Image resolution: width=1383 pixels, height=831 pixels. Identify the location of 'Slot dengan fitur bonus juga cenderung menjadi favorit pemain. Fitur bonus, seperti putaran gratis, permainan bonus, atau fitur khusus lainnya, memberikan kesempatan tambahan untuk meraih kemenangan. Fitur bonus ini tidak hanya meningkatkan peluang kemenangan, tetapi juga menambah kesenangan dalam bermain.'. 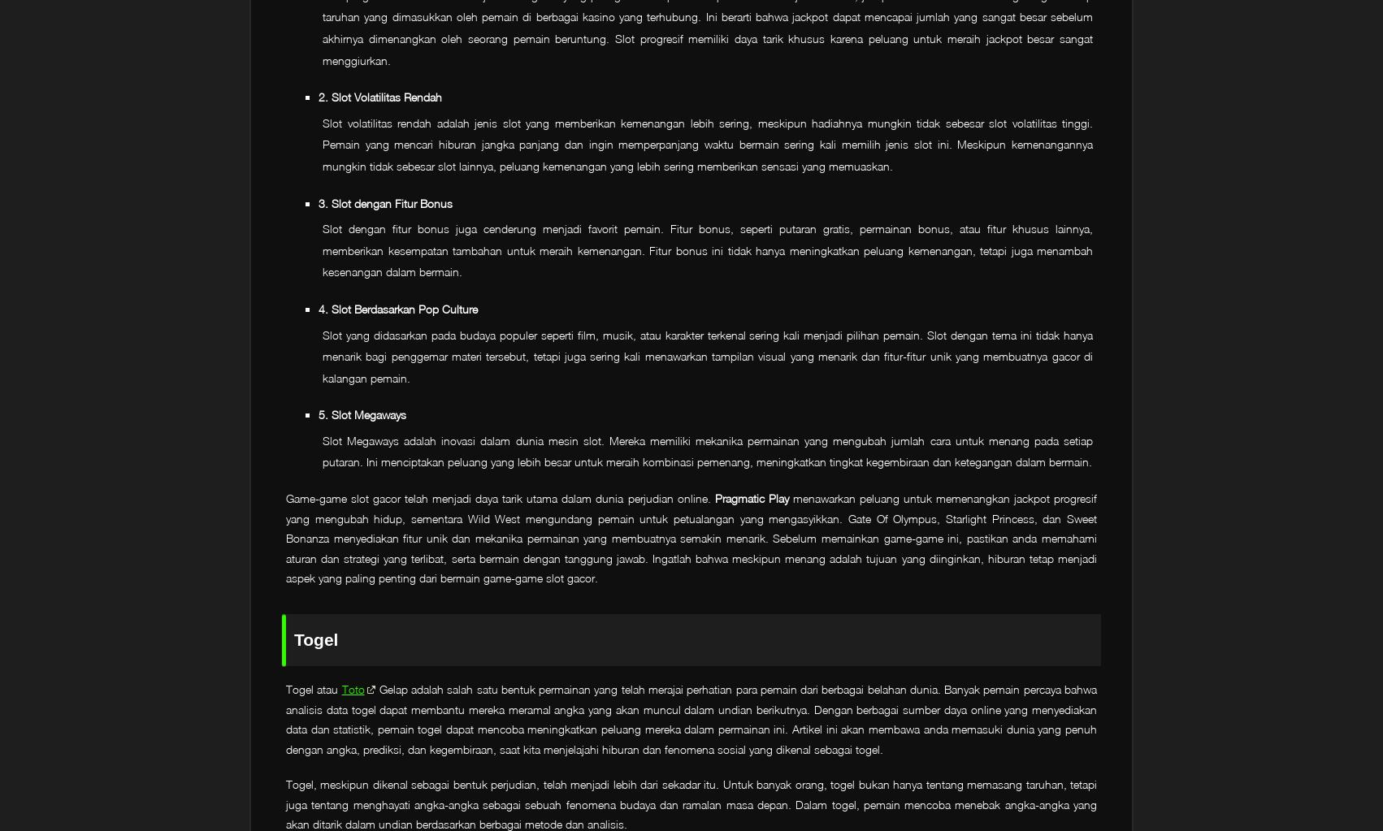
(708, 249).